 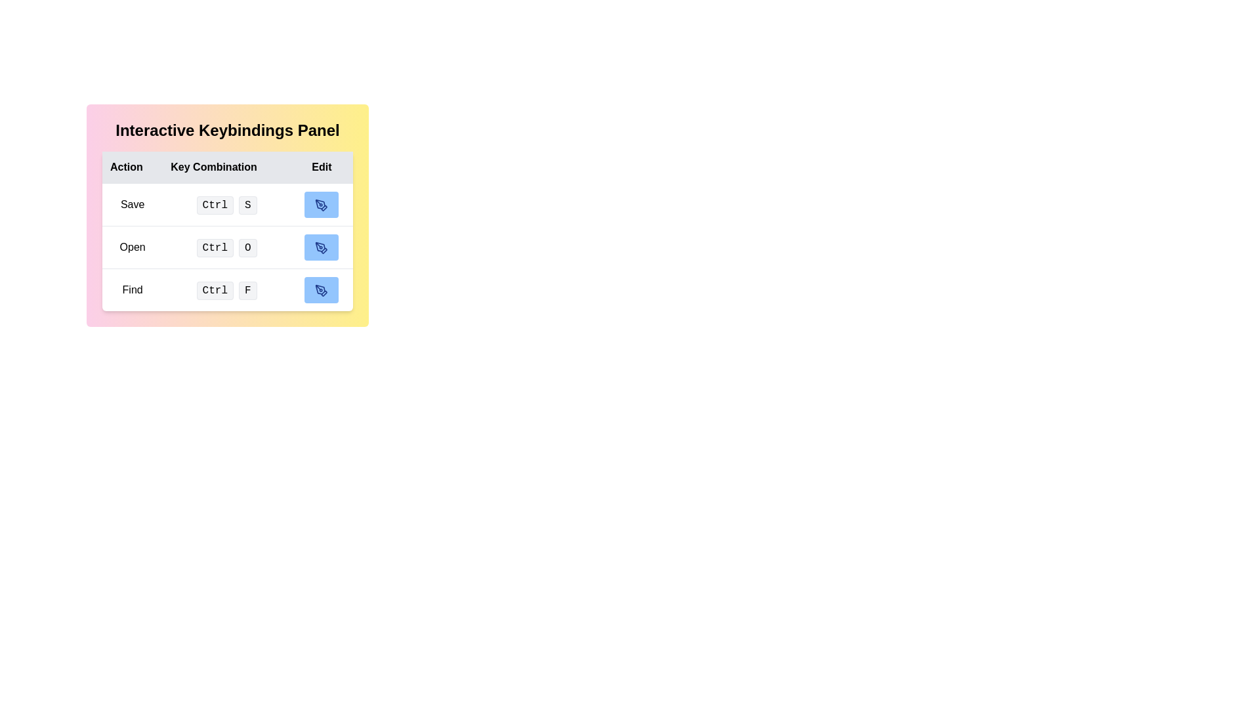 I want to click on the interactive button for editing the keybinding entry next to the 'Save' row in the table for keyboard navigation, so click(x=322, y=205).